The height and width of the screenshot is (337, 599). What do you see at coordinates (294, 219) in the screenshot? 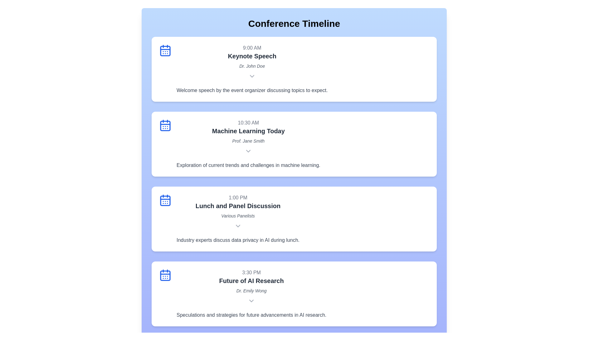
I see `the third card in the vertical list representing the agenda item 'Lunch and Panel Discussion' in the 'Conference Timeline' to trigger its effects` at bounding box center [294, 219].